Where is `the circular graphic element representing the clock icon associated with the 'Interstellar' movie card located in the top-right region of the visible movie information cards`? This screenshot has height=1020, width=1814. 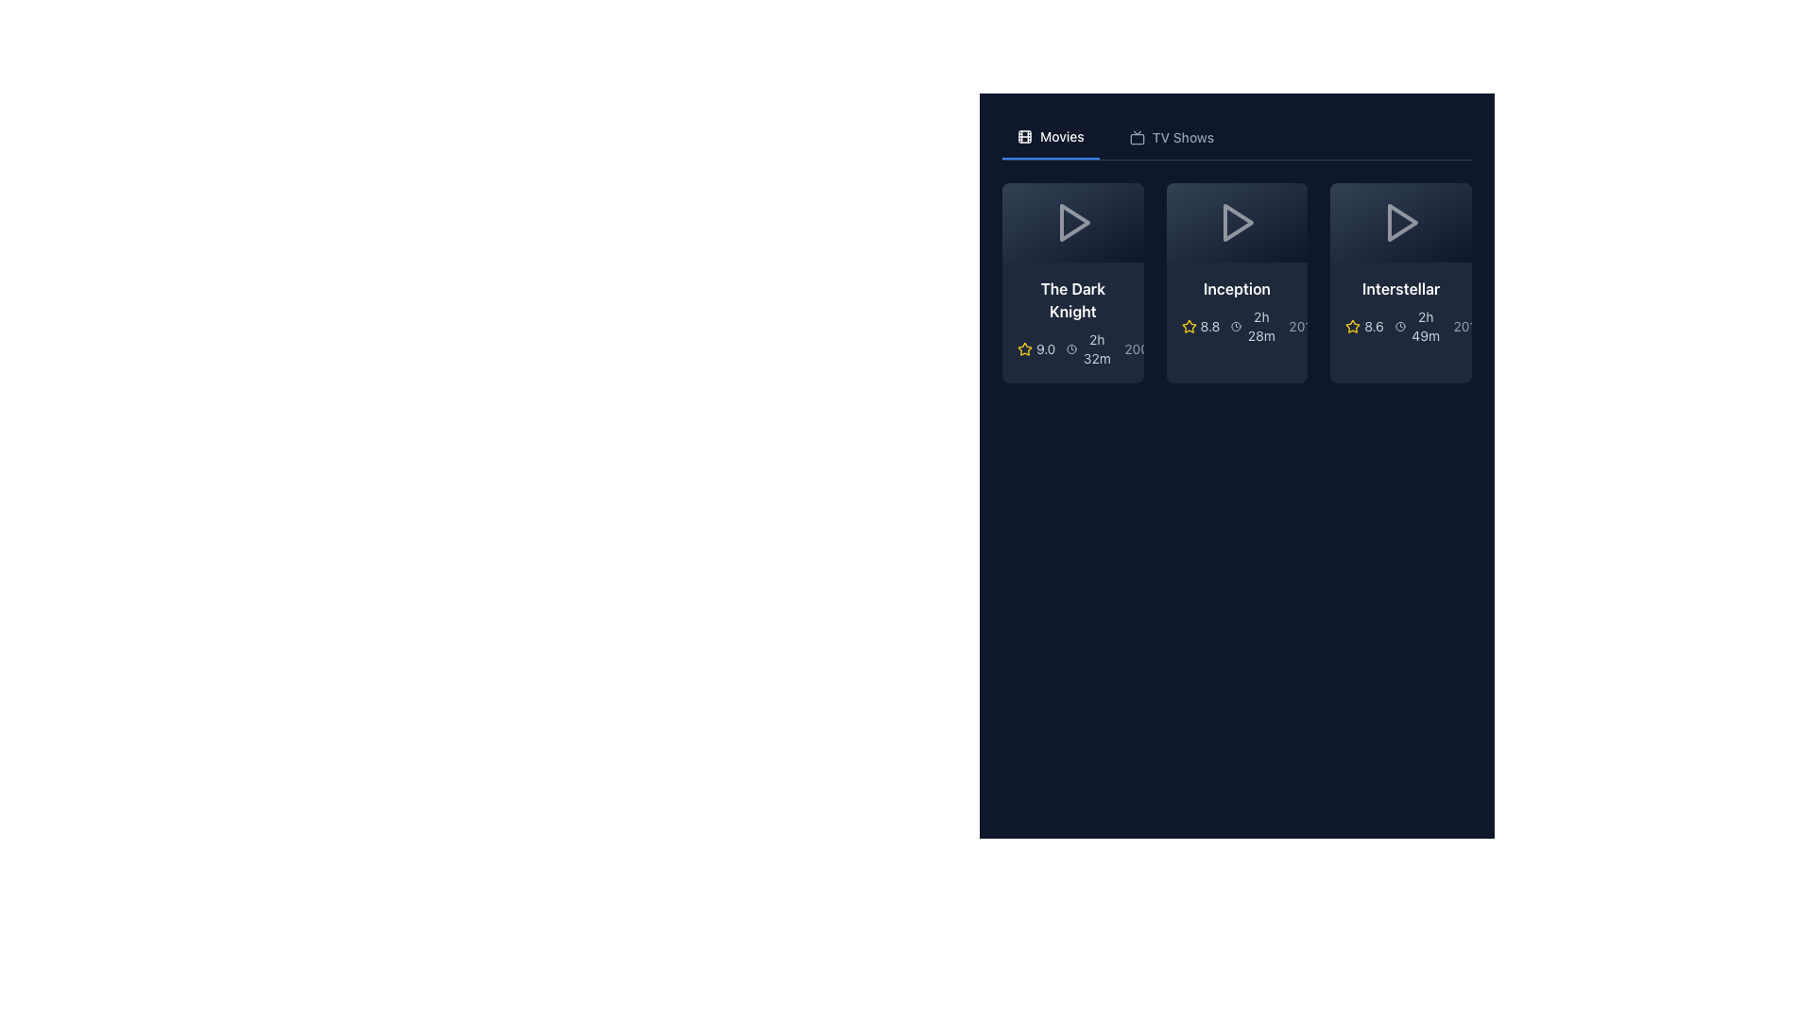
the circular graphic element representing the clock icon associated with the 'Interstellar' movie card located in the top-right region of the visible movie information cards is located at coordinates (1400, 326).